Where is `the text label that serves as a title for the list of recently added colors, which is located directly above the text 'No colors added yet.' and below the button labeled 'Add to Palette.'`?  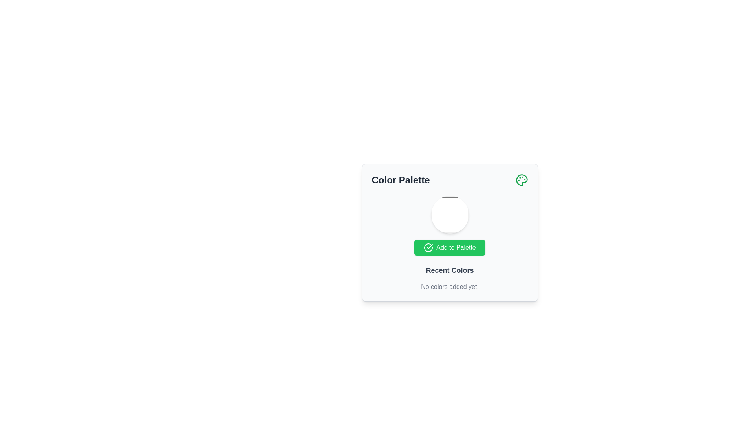 the text label that serves as a title for the list of recently added colors, which is located directly above the text 'No colors added yet.' and below the button labeled 'Add to Palette.' is located at coordinates (450, 270).